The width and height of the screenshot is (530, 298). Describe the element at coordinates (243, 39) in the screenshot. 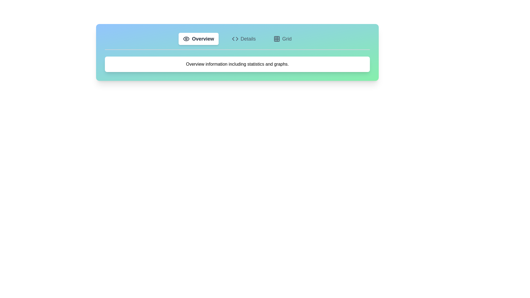

I see `the tab associated with Details` at that location.